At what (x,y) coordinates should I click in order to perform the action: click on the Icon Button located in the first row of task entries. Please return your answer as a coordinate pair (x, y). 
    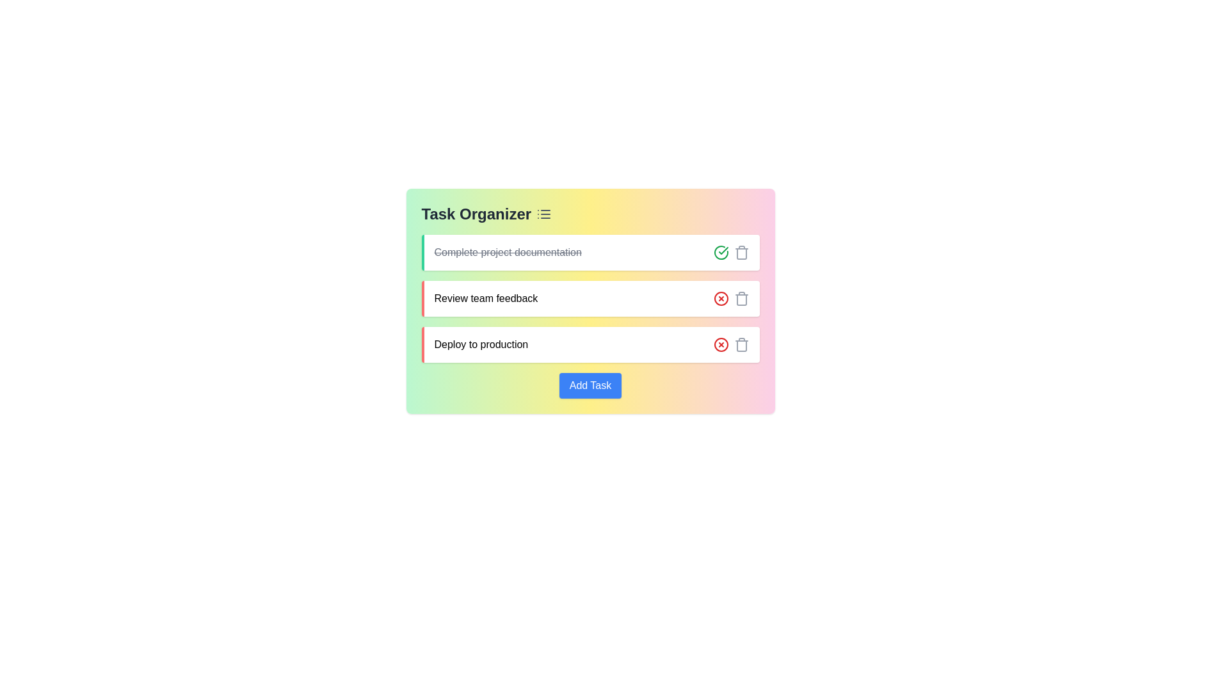
    Looking at the image, I should click on (721, 252).